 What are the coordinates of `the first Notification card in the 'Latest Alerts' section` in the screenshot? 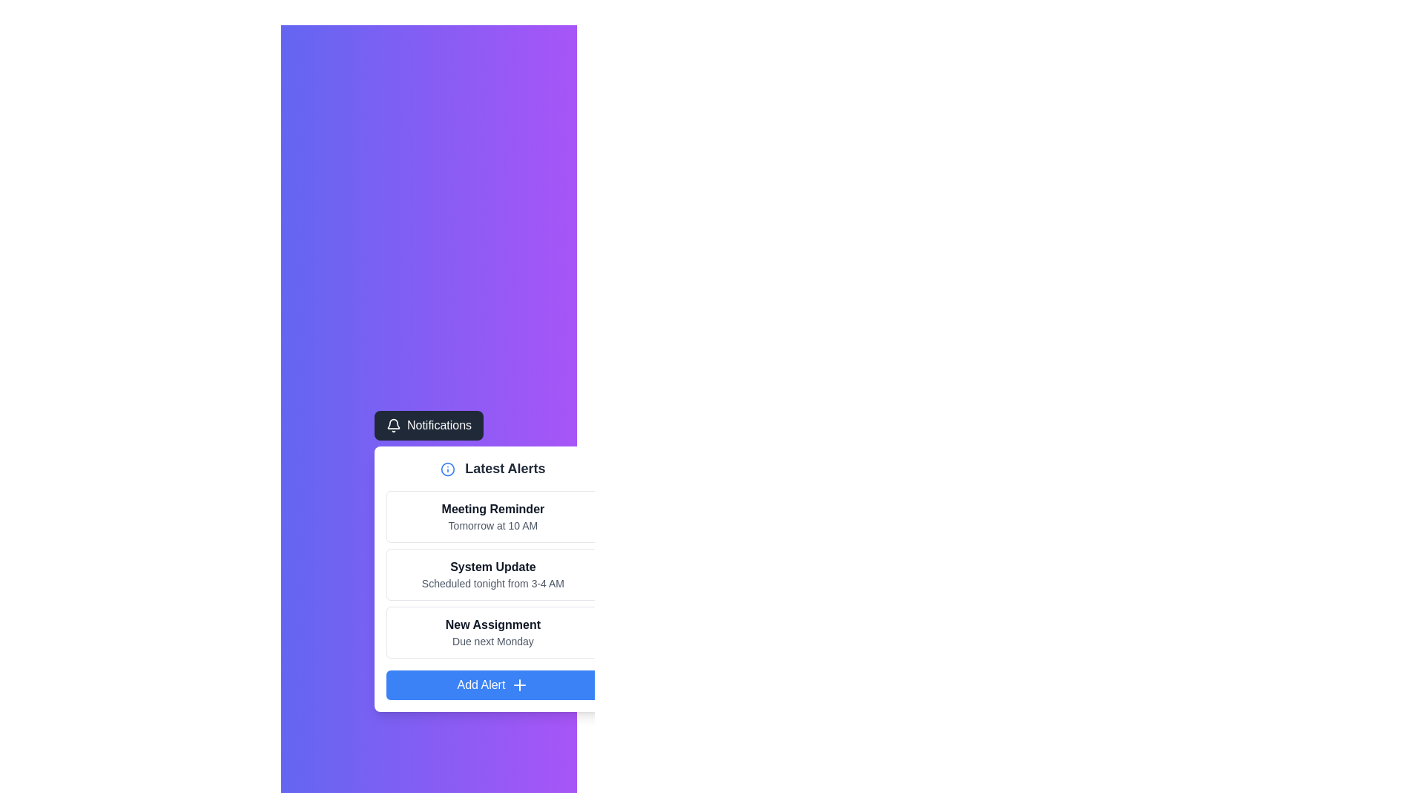 It's located at (492, 516).